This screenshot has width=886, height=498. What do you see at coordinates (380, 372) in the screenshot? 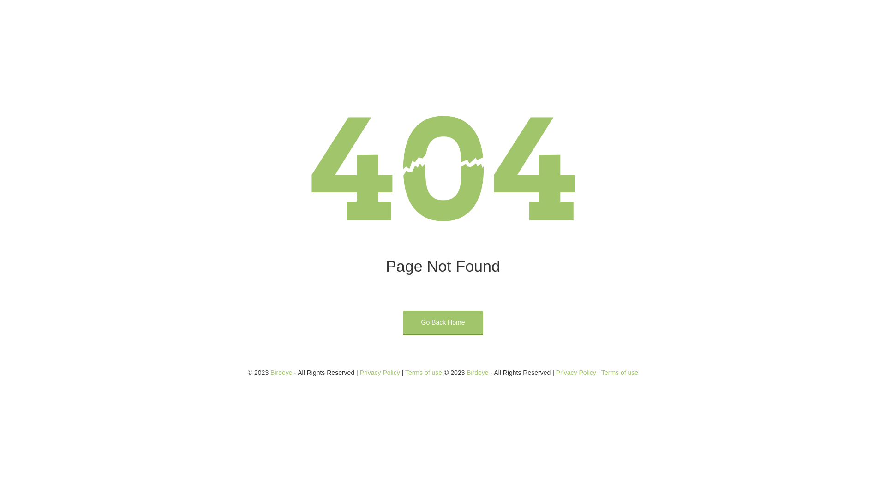
I see `'Privacy Policy'` at bounding box center [380, 372].